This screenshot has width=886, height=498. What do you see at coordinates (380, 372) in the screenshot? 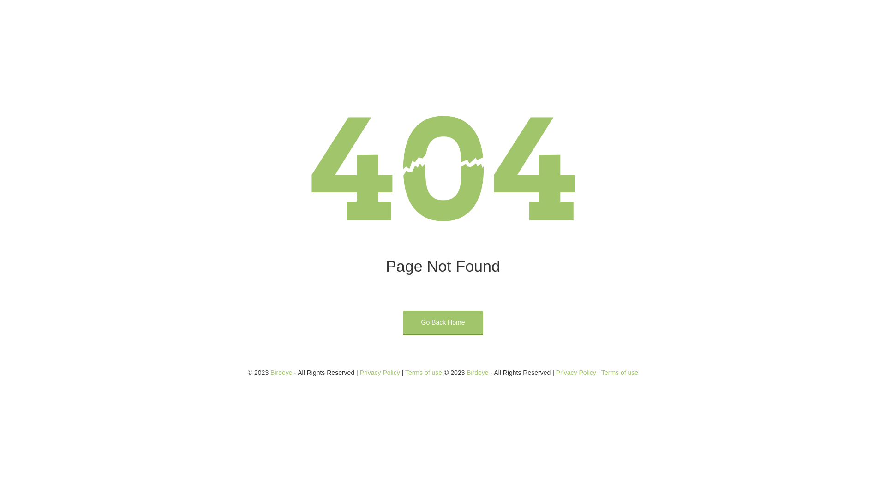
I see `'Privacy Policy'` at bounding box center [380, 372].